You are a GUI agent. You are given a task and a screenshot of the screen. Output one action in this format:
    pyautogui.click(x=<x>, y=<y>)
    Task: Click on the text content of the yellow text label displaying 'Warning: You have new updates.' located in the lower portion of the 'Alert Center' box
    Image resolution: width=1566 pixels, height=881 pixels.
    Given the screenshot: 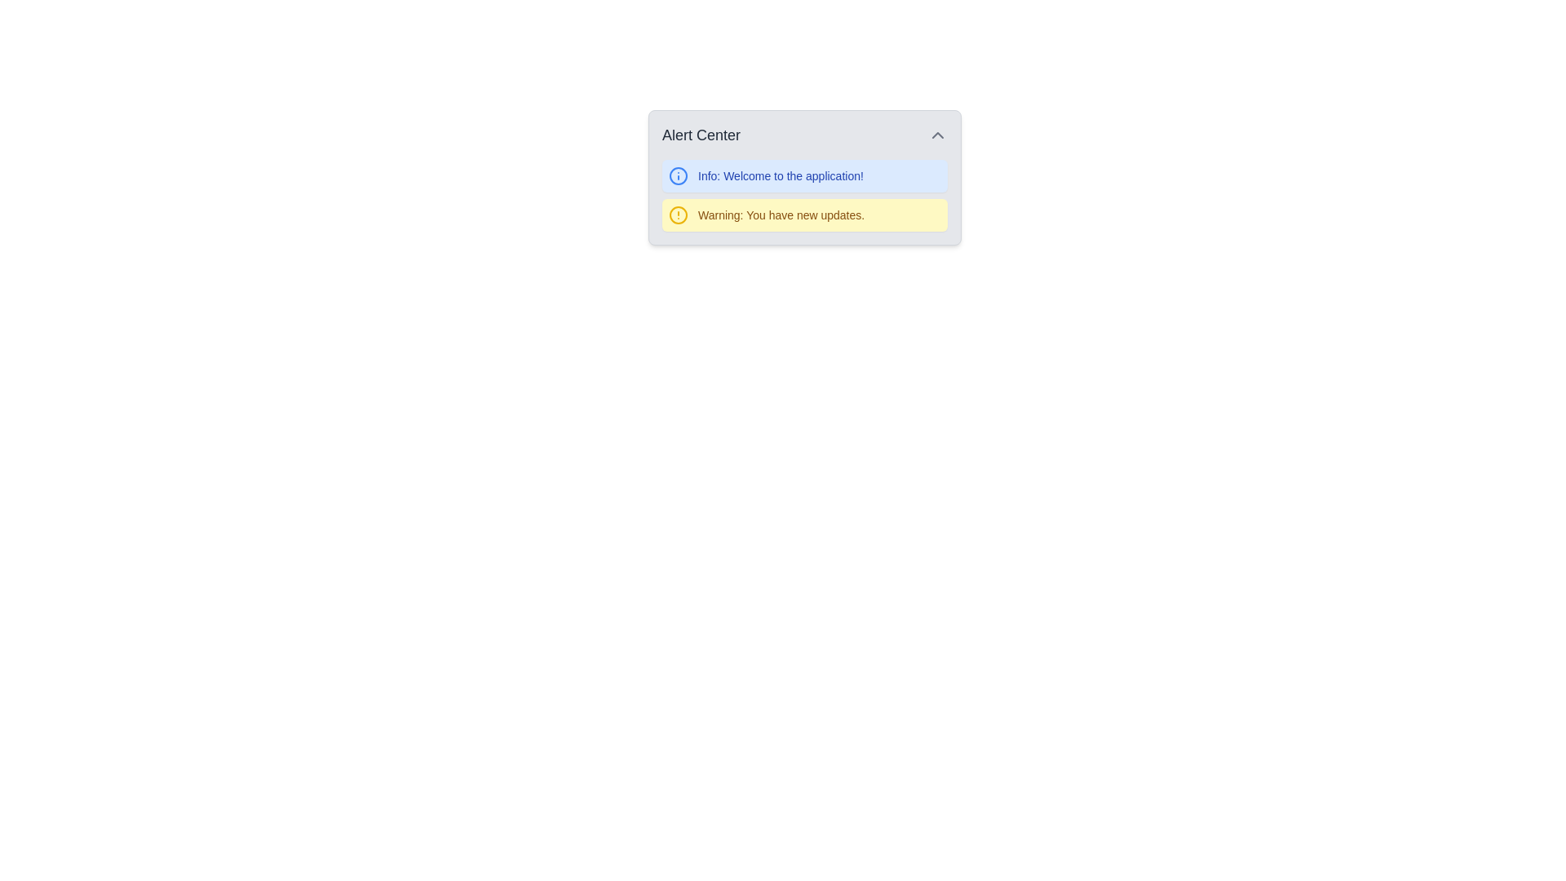 What is the action you would take?
    pyautogui.click(x=781, y=214)
    